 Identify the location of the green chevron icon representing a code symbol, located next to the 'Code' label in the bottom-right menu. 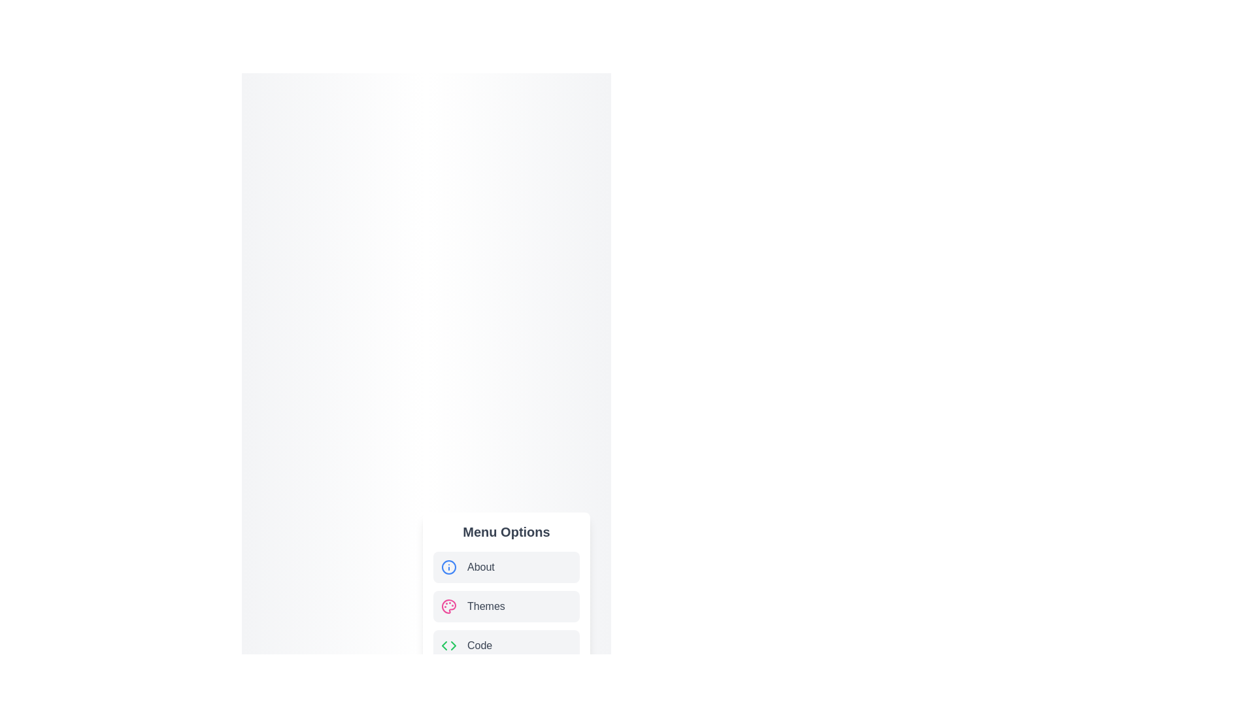
(448, 645).